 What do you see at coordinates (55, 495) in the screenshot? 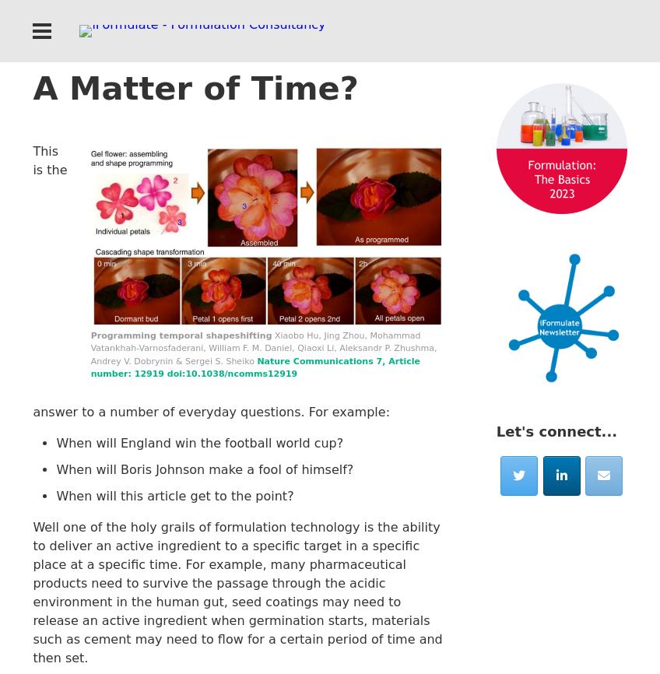
I see `'When will this article get to the point?'` at bounding box center [55, 495].